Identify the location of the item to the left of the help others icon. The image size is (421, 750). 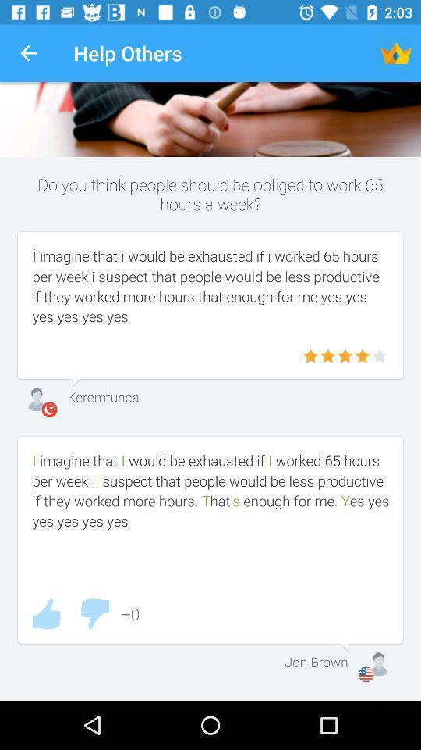
(28, 53).